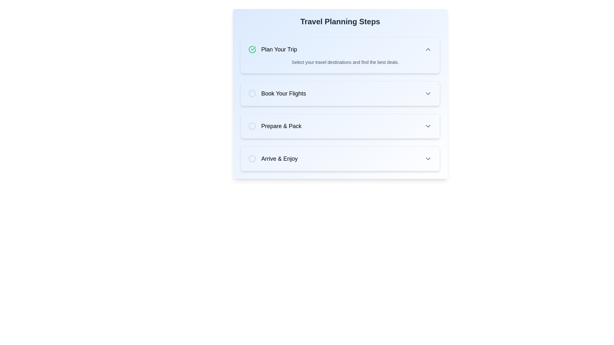 This screenshot has width=614, height=345. What do you see at coordinates (340, 94) in the screenshot?
I see `the 'Book Your Flights' list item in the step-based navigation component` at bounding box center [340, 94].